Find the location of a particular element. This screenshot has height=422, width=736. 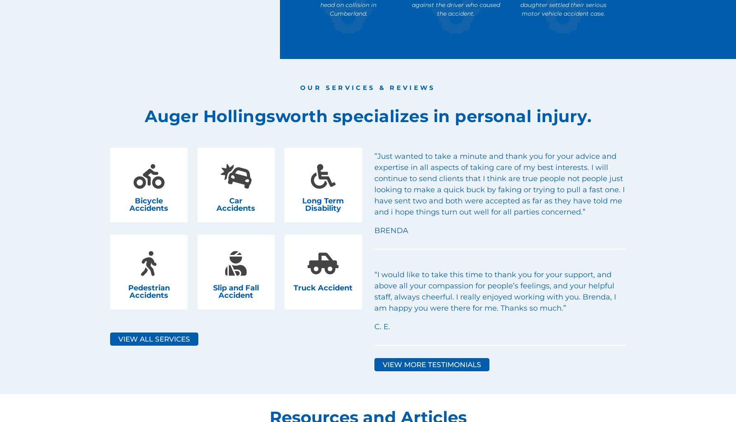

'View All Services' is located at coordinates (118, 339).